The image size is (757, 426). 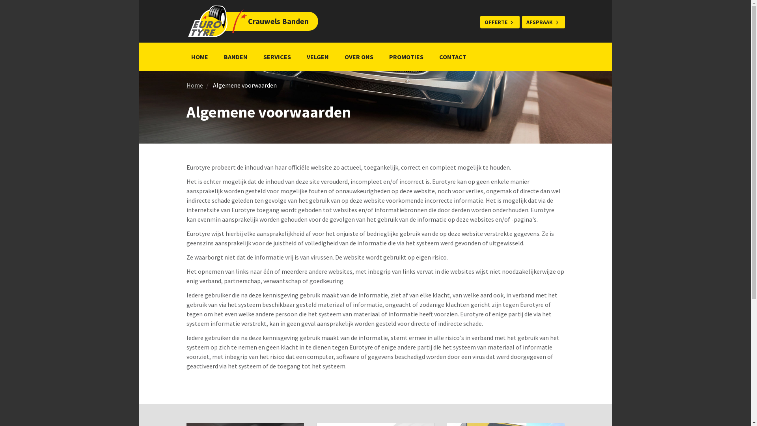 I want to click on 'VELGEN', so click(x=318, y=56).